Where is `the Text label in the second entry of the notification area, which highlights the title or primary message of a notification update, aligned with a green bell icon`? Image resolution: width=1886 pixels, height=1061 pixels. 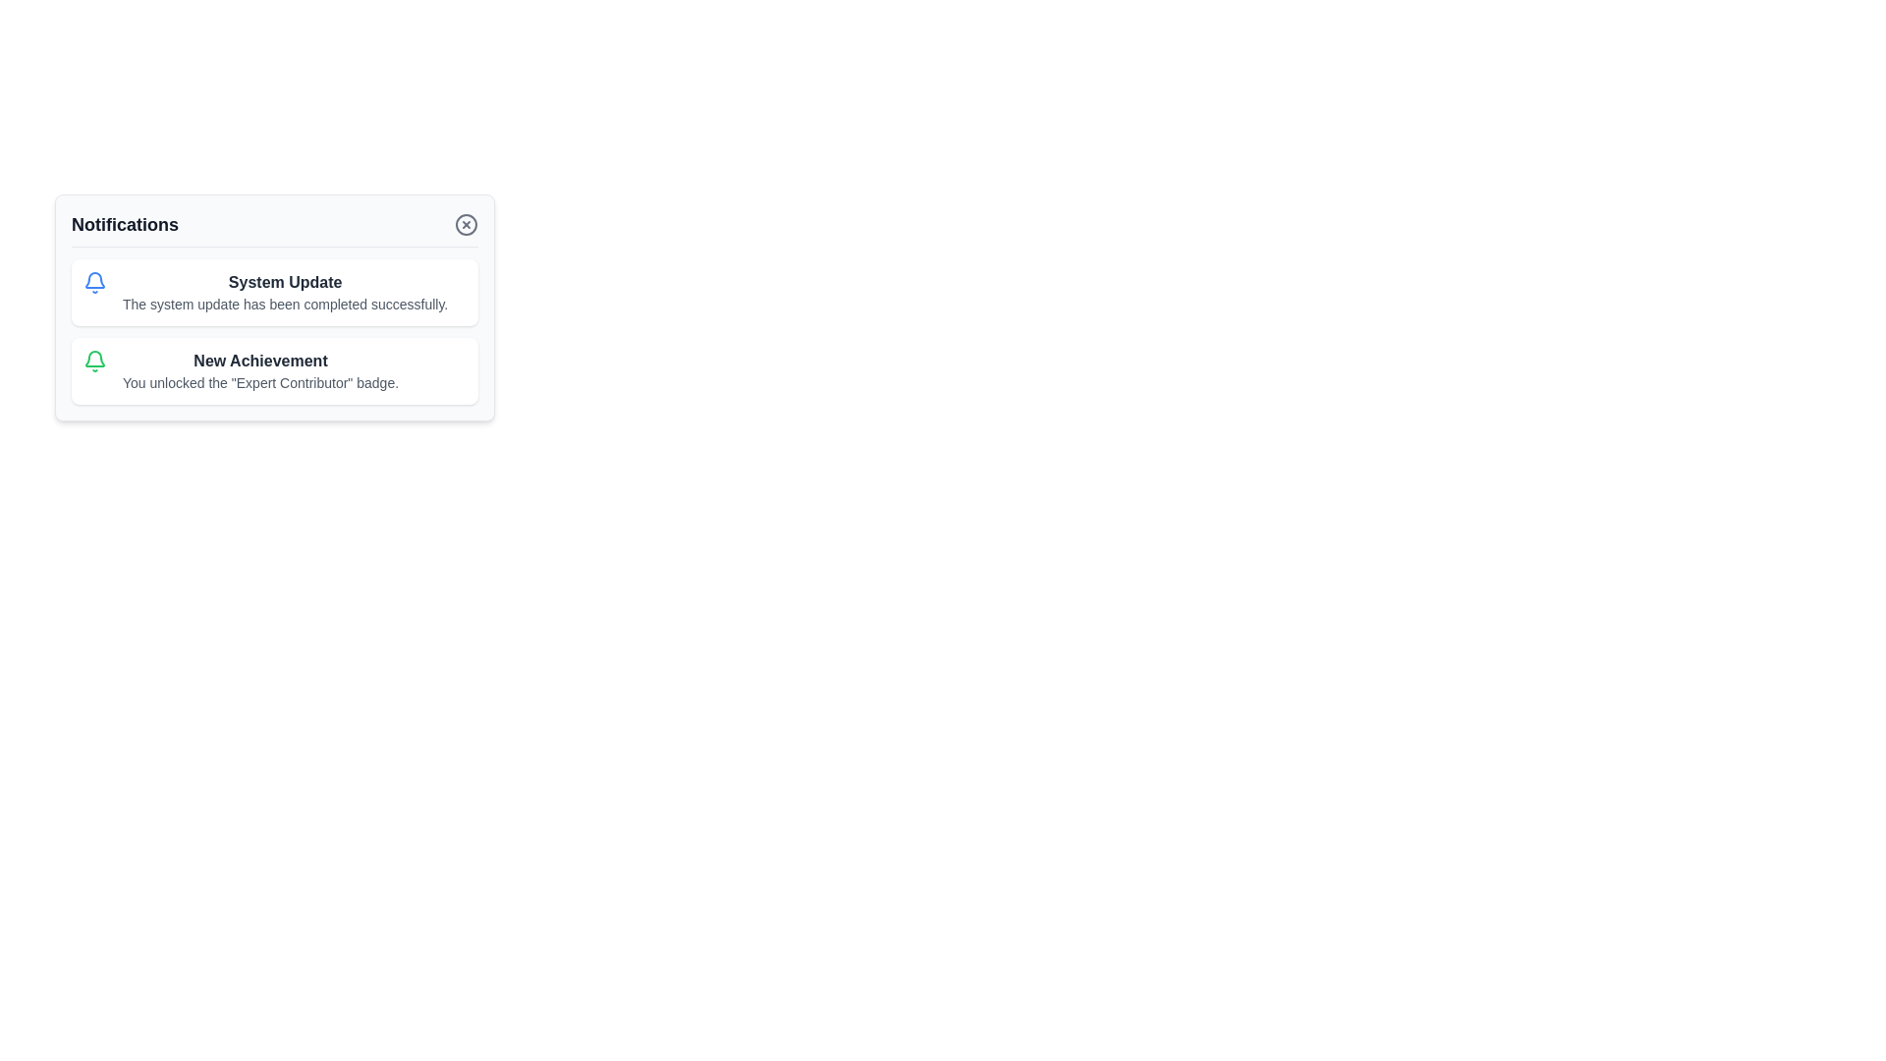
the Text label in the second entry of the notification area, which highlights the title or primary message of a notification update, aligned with a green bell icon is located at coordinates (259, 361).